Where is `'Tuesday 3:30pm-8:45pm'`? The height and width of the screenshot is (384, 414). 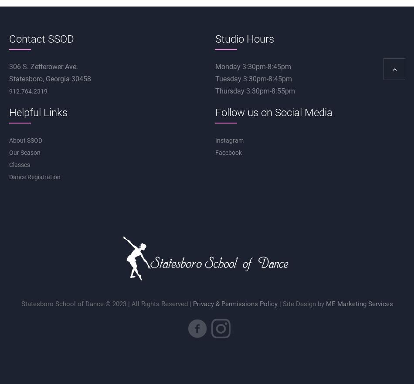 'Tuesday 3:30pm-8:45pm' is located at coordinates (253, 78).